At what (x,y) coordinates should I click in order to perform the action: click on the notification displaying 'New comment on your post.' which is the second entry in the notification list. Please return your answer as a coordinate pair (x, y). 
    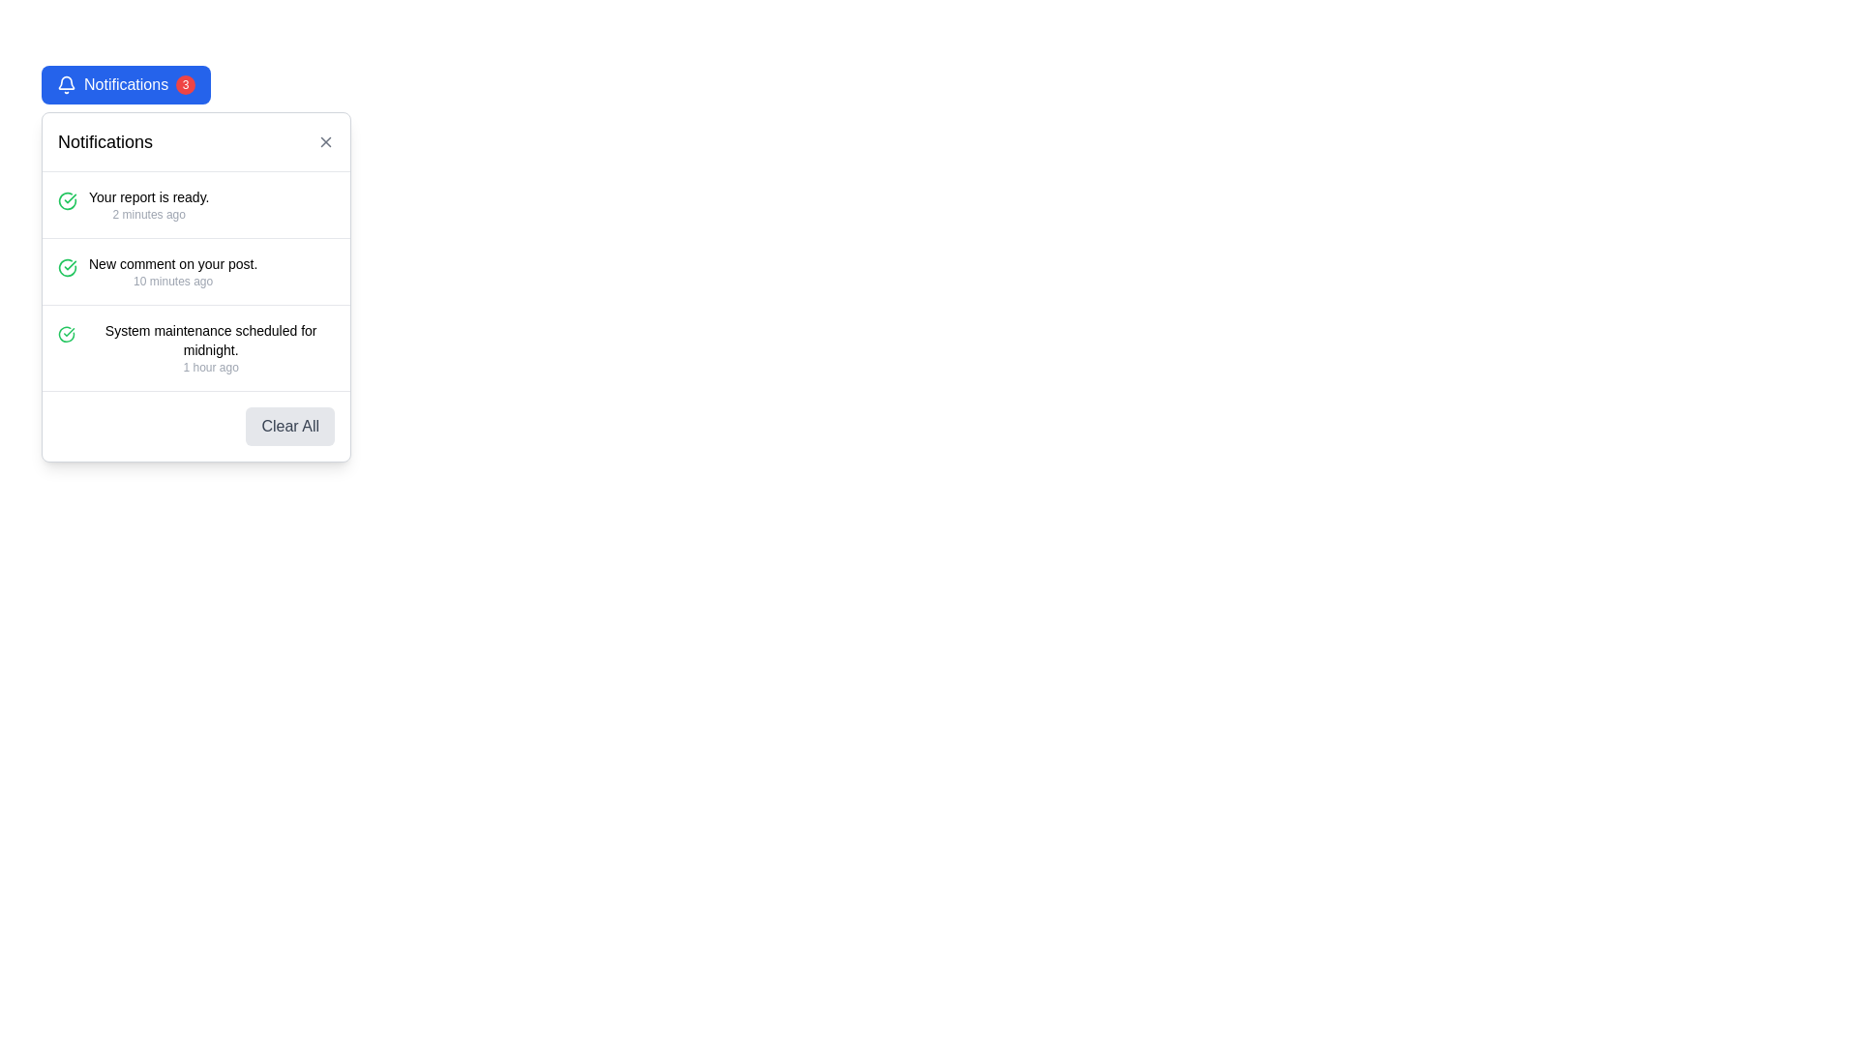
    Looking at the image, I should click on (173, 272).